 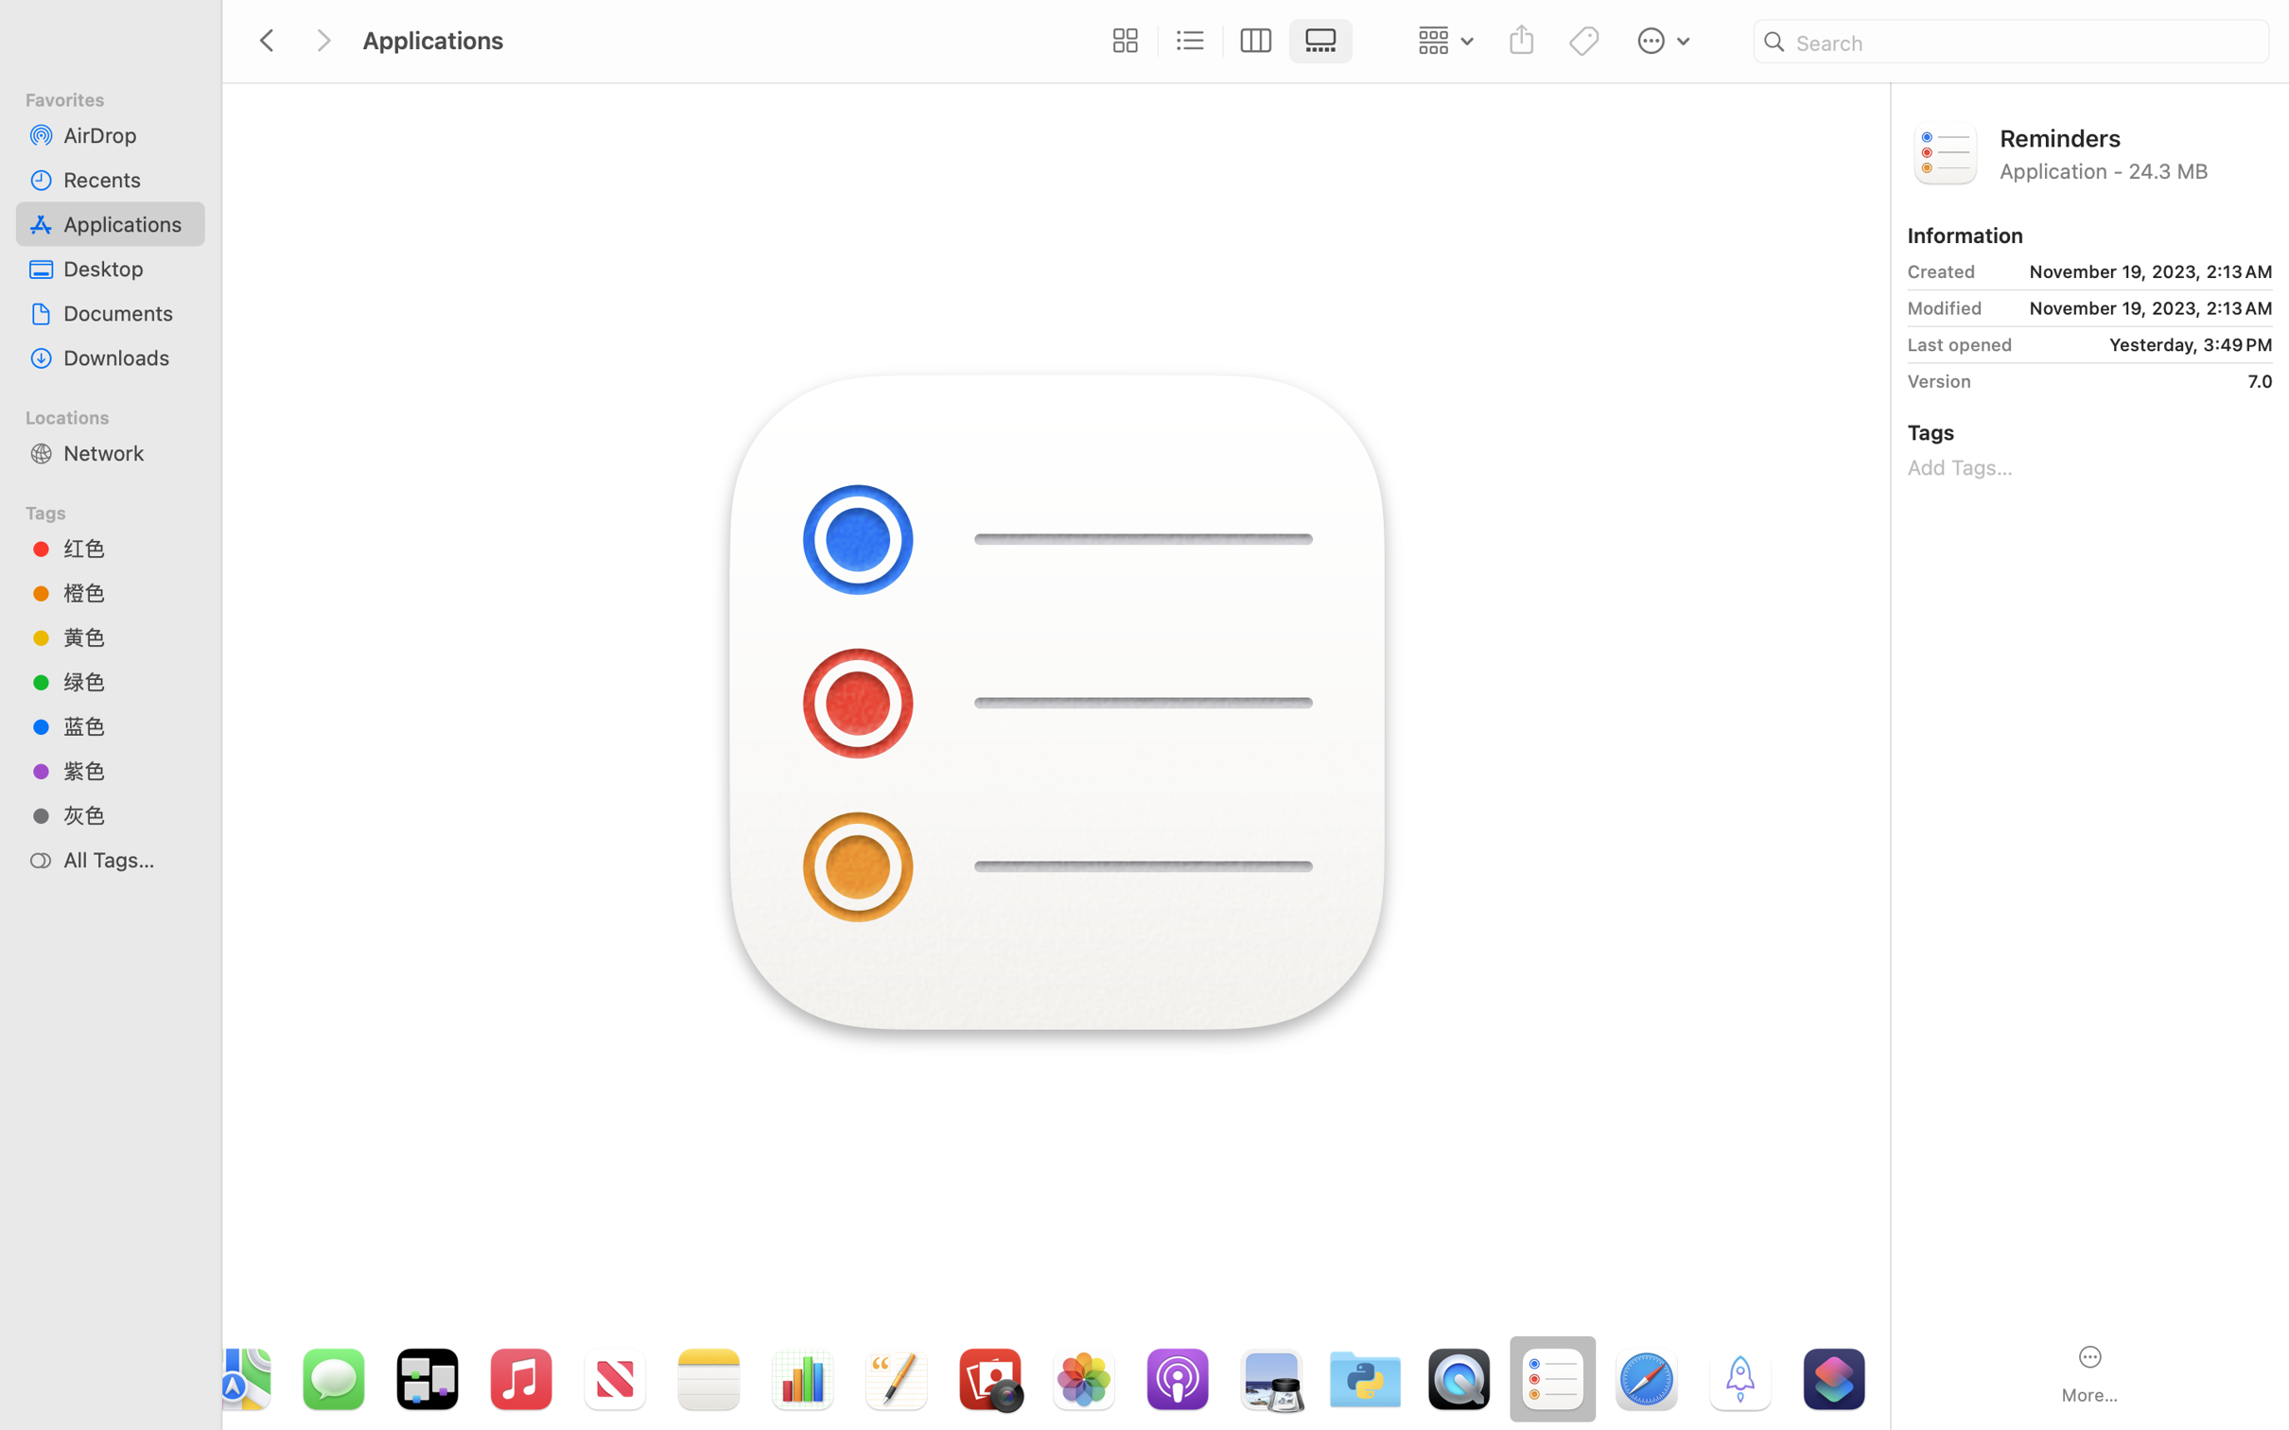 I want to click on 'November 19, 2023, 2:13 AM', so click(x=2129, y=271).